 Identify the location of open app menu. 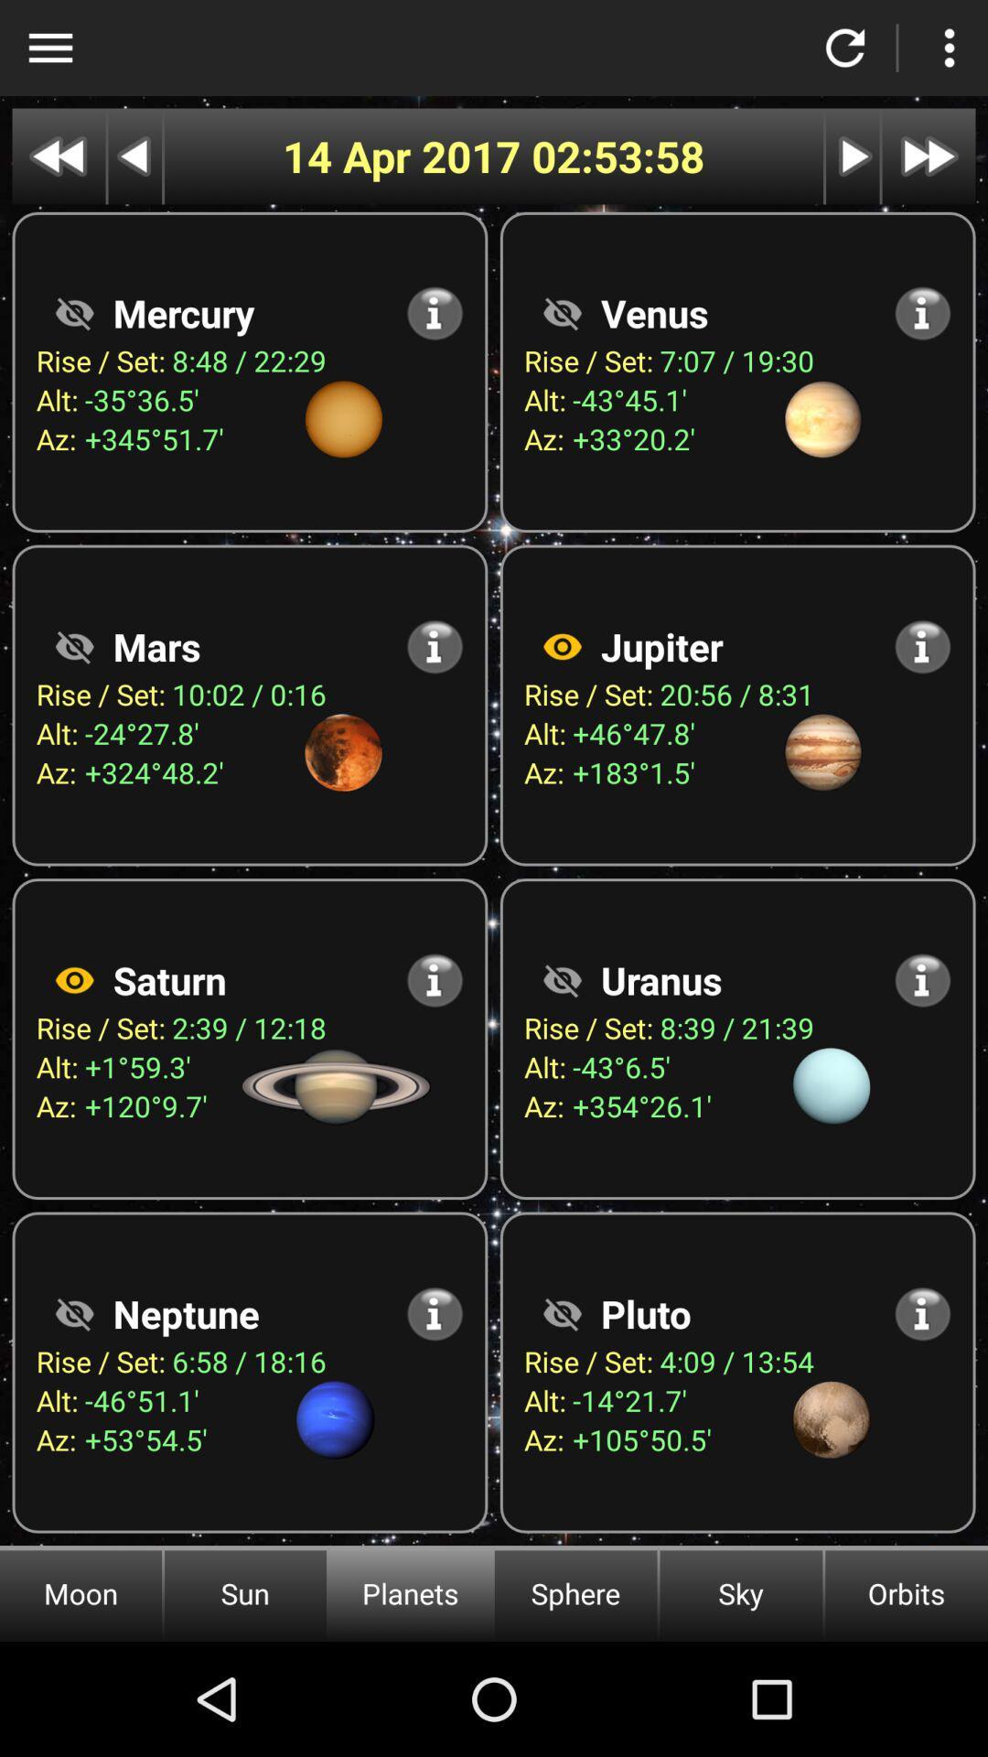
(49, 48).